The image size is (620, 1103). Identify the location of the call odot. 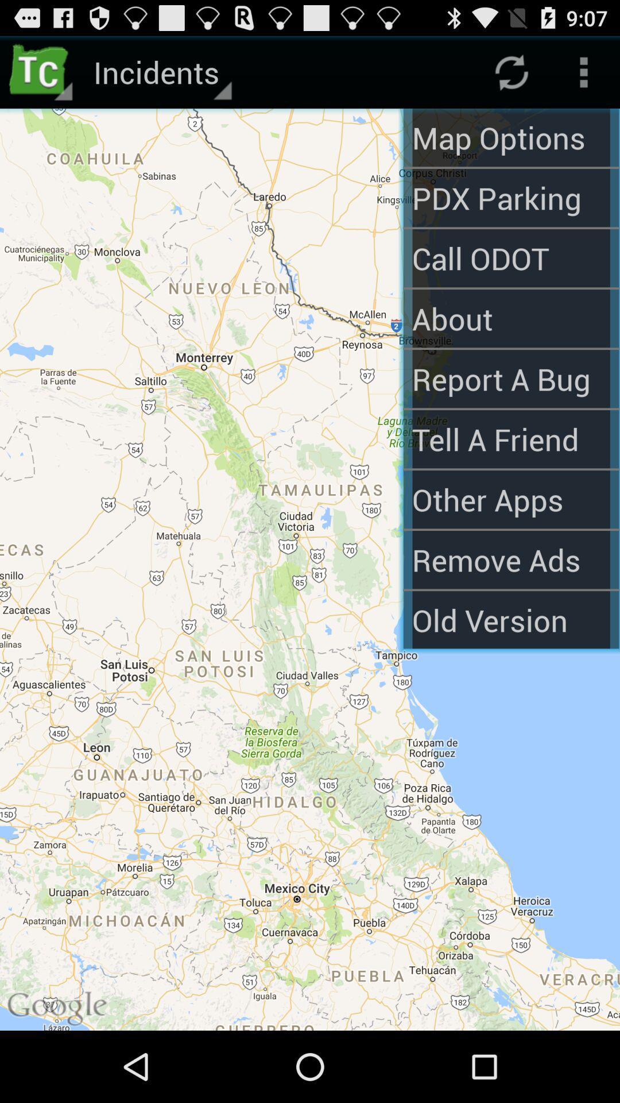
(510, 257).